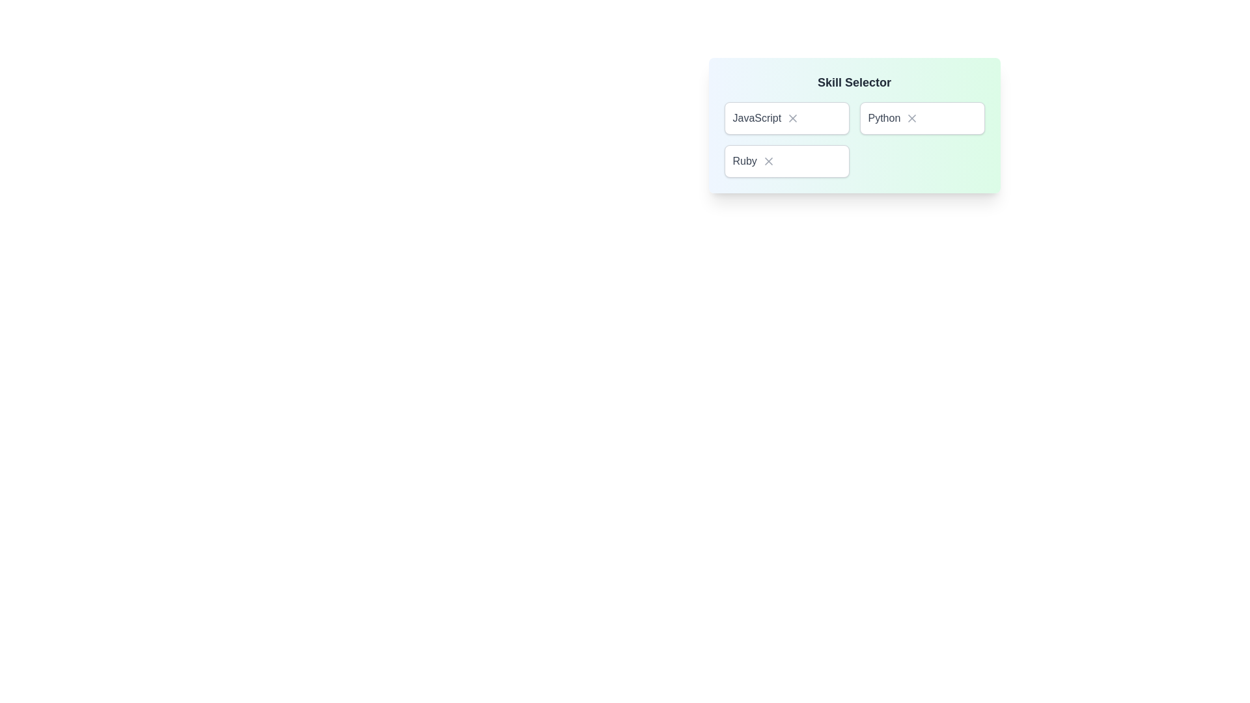 This screenshot has width=1250, height=703. Describe the element at coordinates (921, 118) in the screenshot. I see `the chip labeled Python` at that location.